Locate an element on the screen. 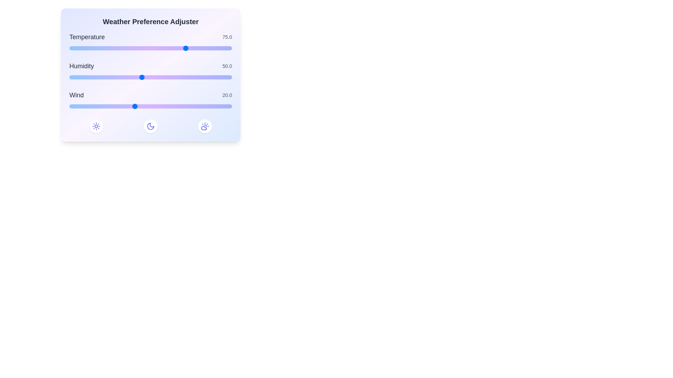 The image size is (673, 378). the temperature slider, which allows users to adjust the temperature preference ranging from 10 to 100, currently set at 75 is located at coordinates (150, 48).